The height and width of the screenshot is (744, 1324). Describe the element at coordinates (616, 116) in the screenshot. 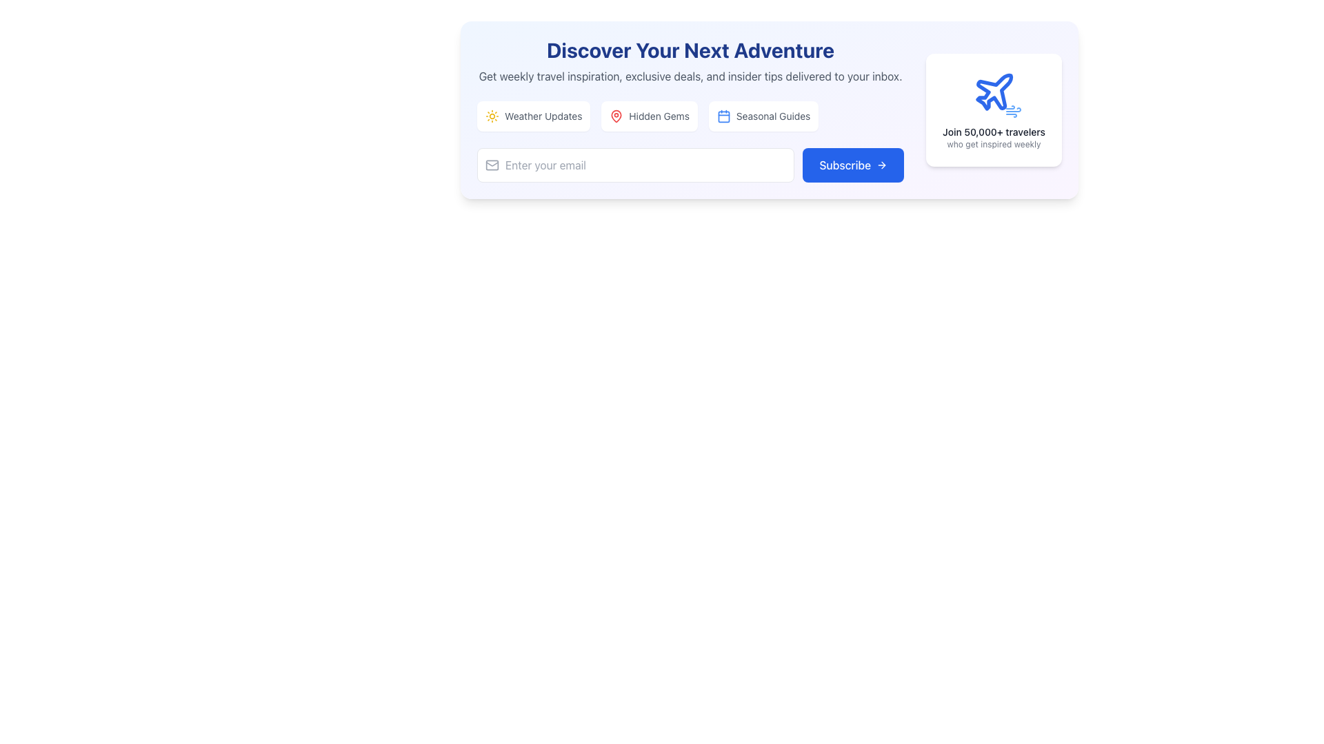

I see `the red pin-like icon associated with map markers located in the 'Hidden Gems' section, positioned between 'Weather Updates' and 'Seasonal Guides'` at that location.